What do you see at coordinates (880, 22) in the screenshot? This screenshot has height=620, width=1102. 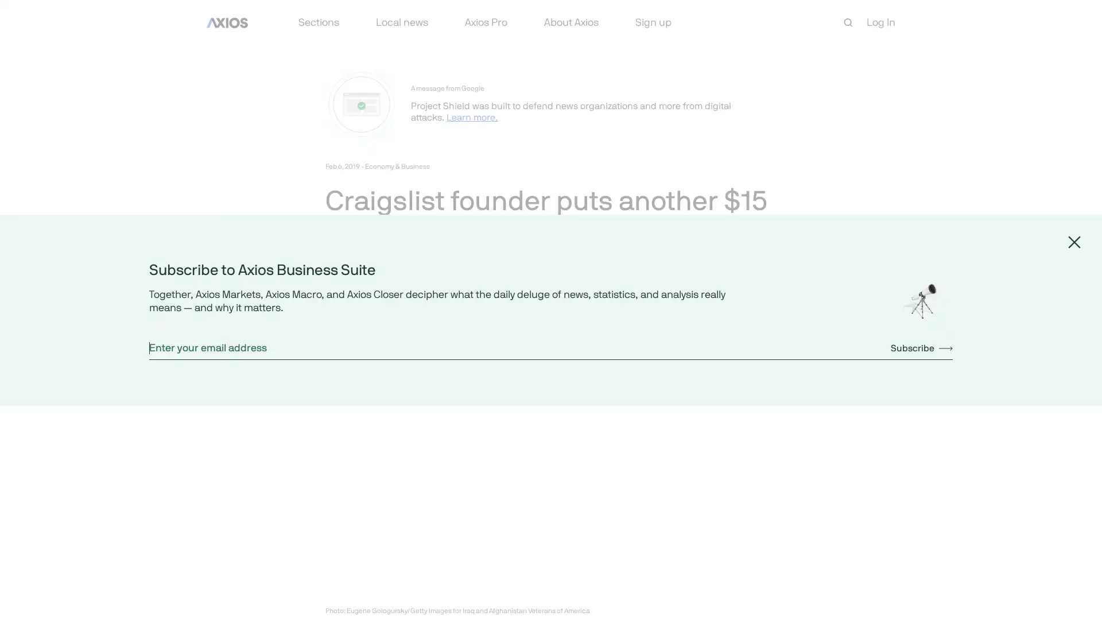 I see `Log In` at bounding box center [880, 22].